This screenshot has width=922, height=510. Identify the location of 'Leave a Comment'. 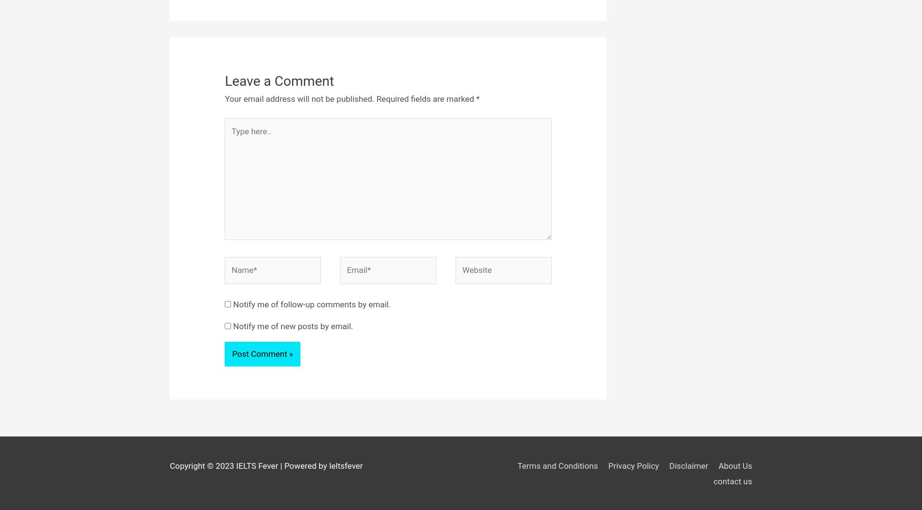
(279, 80).